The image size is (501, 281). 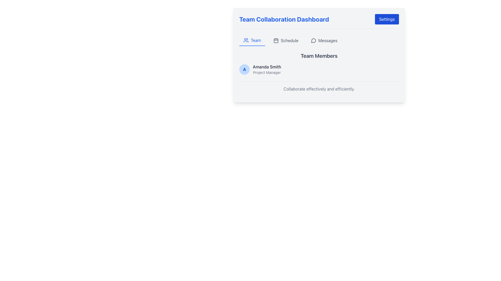 What do you see at coordinates (324, 40) in the screenshot?
I see `the 'Messages' button, which is the third clickable item in a horizontal row near the top center of the interface` at bounding box center [324, 40].